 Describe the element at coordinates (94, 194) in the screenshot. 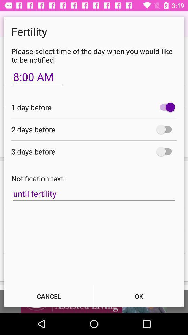

I see `until fertility item` at that location.